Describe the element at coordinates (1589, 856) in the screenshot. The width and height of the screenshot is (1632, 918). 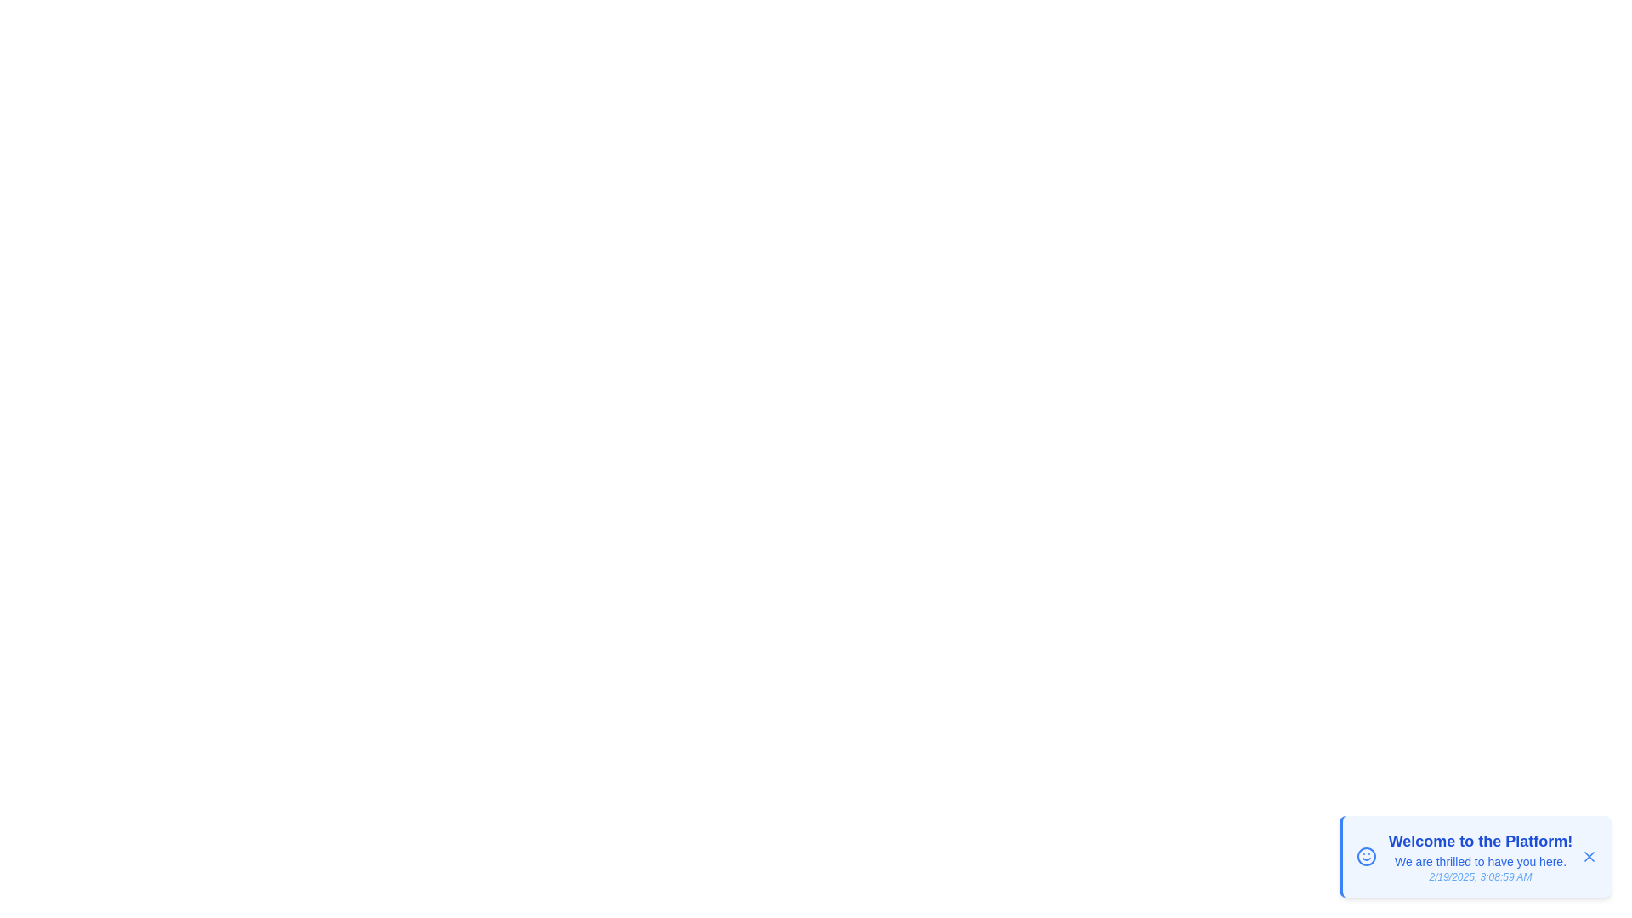
I see `the dismiss button to remove the notification` at that location.